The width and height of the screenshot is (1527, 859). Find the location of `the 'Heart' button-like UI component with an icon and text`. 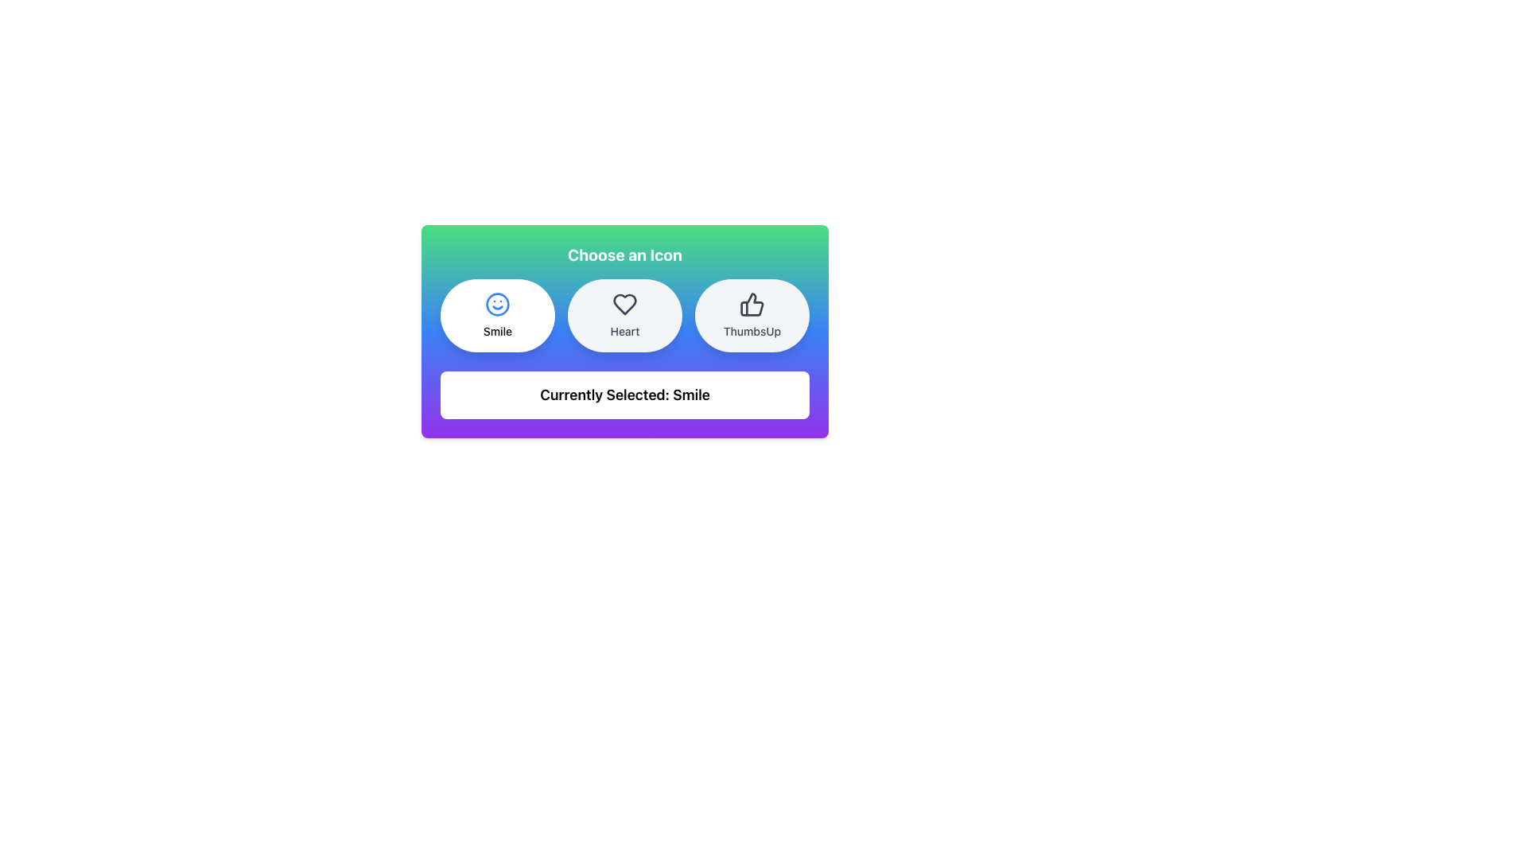

the 'Heart' button-like UI component with an icon and text is located at coordinates (624, 316).